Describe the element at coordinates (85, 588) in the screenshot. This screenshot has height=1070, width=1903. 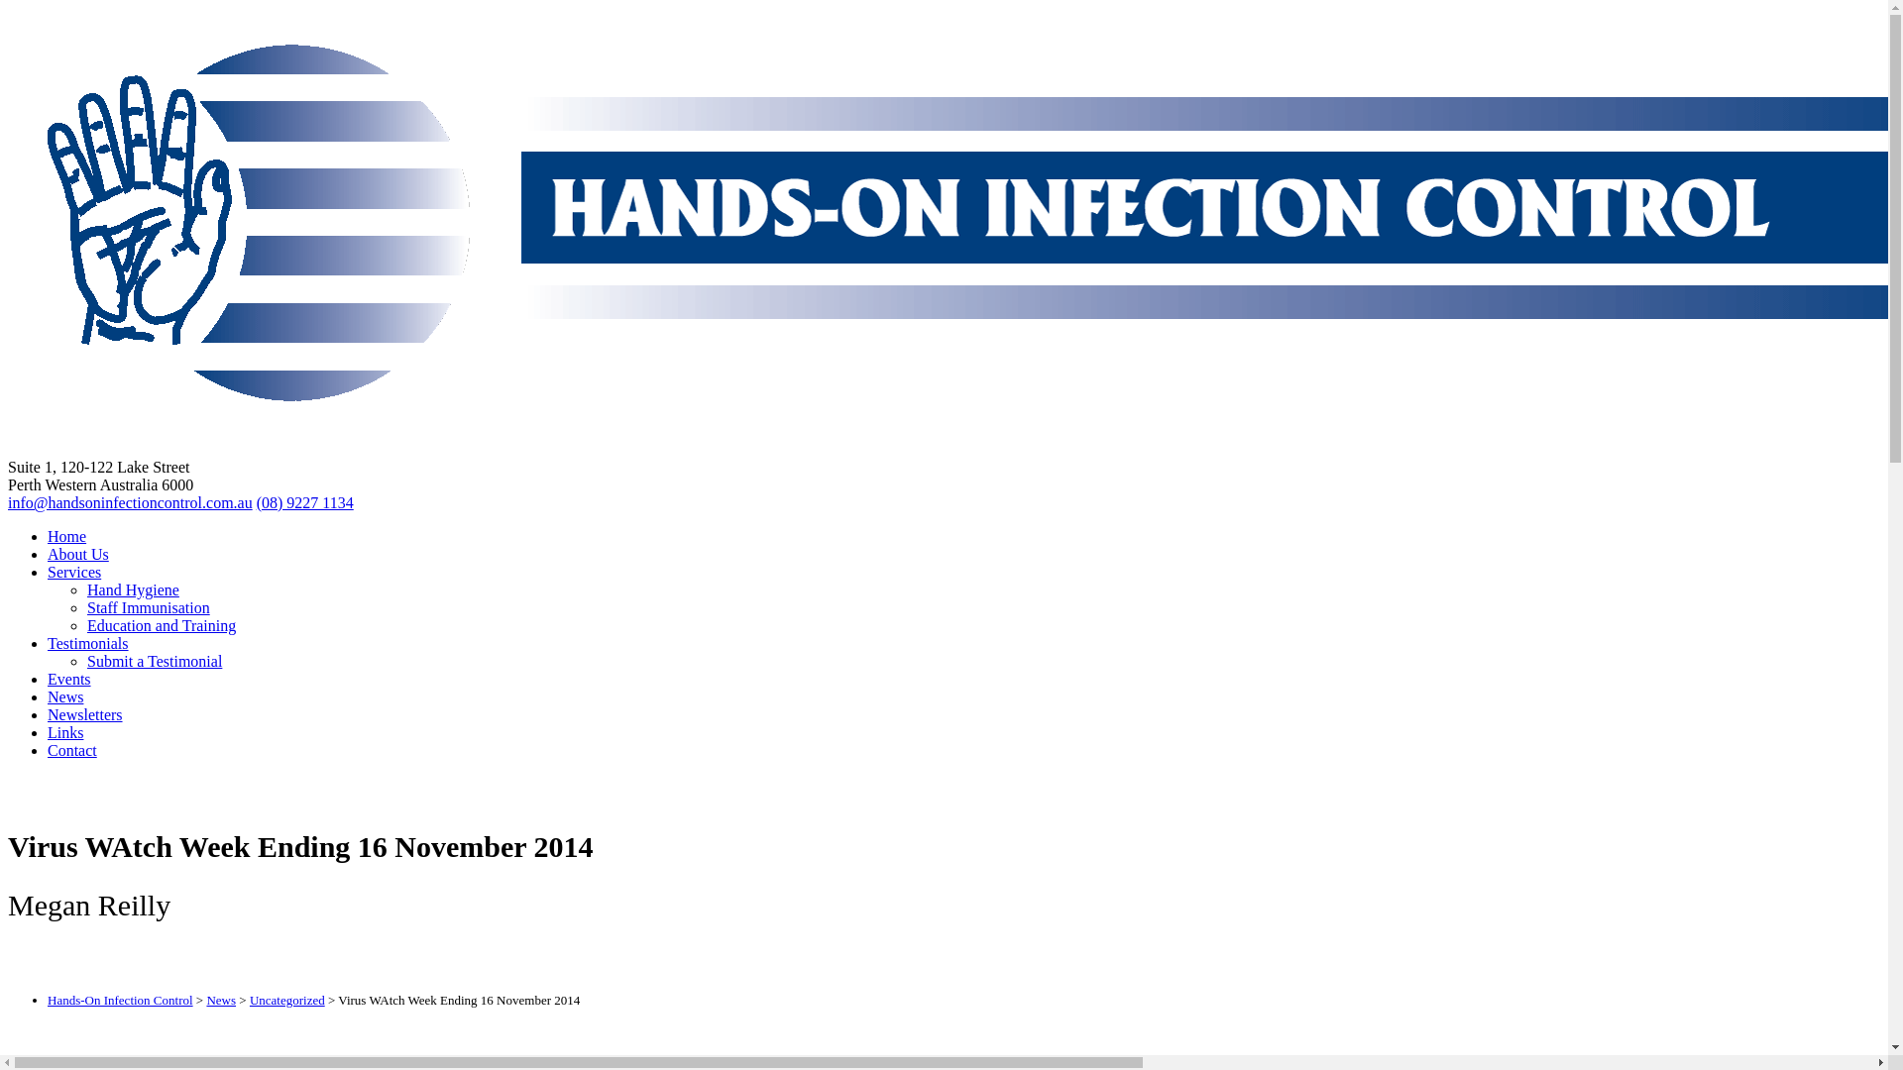
I see `'Hand Hygiene'` at that location.